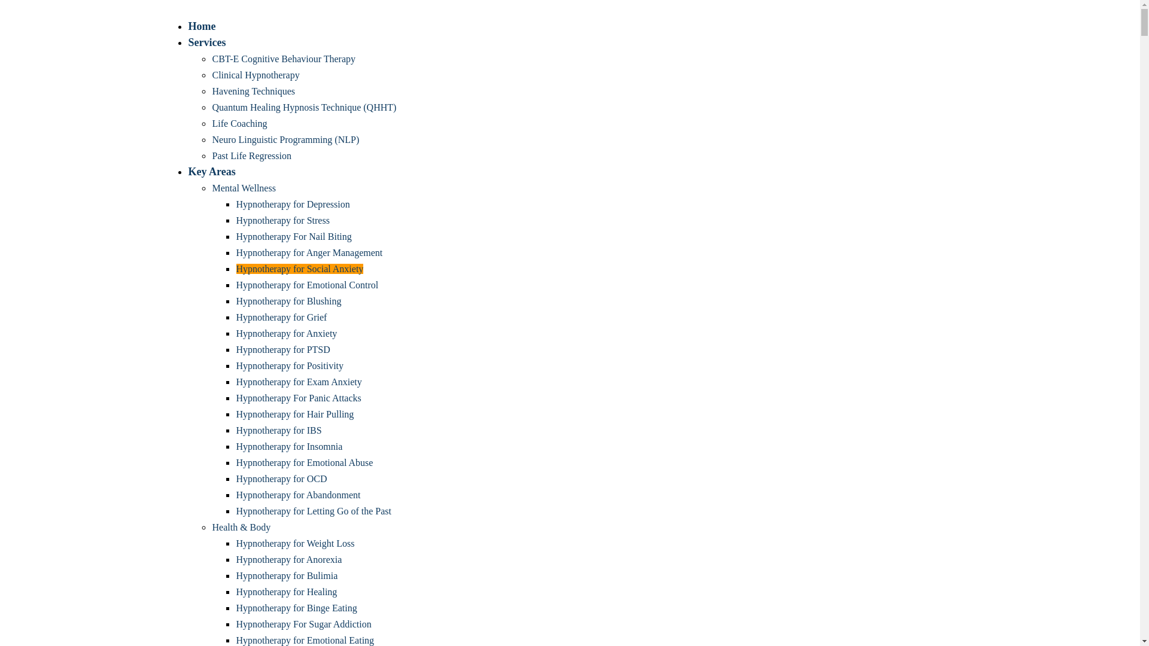  Describe the element at coordinates (286, 575) in the screenshot. I see `'Hypnotherapy for Bulimia'` at that location.